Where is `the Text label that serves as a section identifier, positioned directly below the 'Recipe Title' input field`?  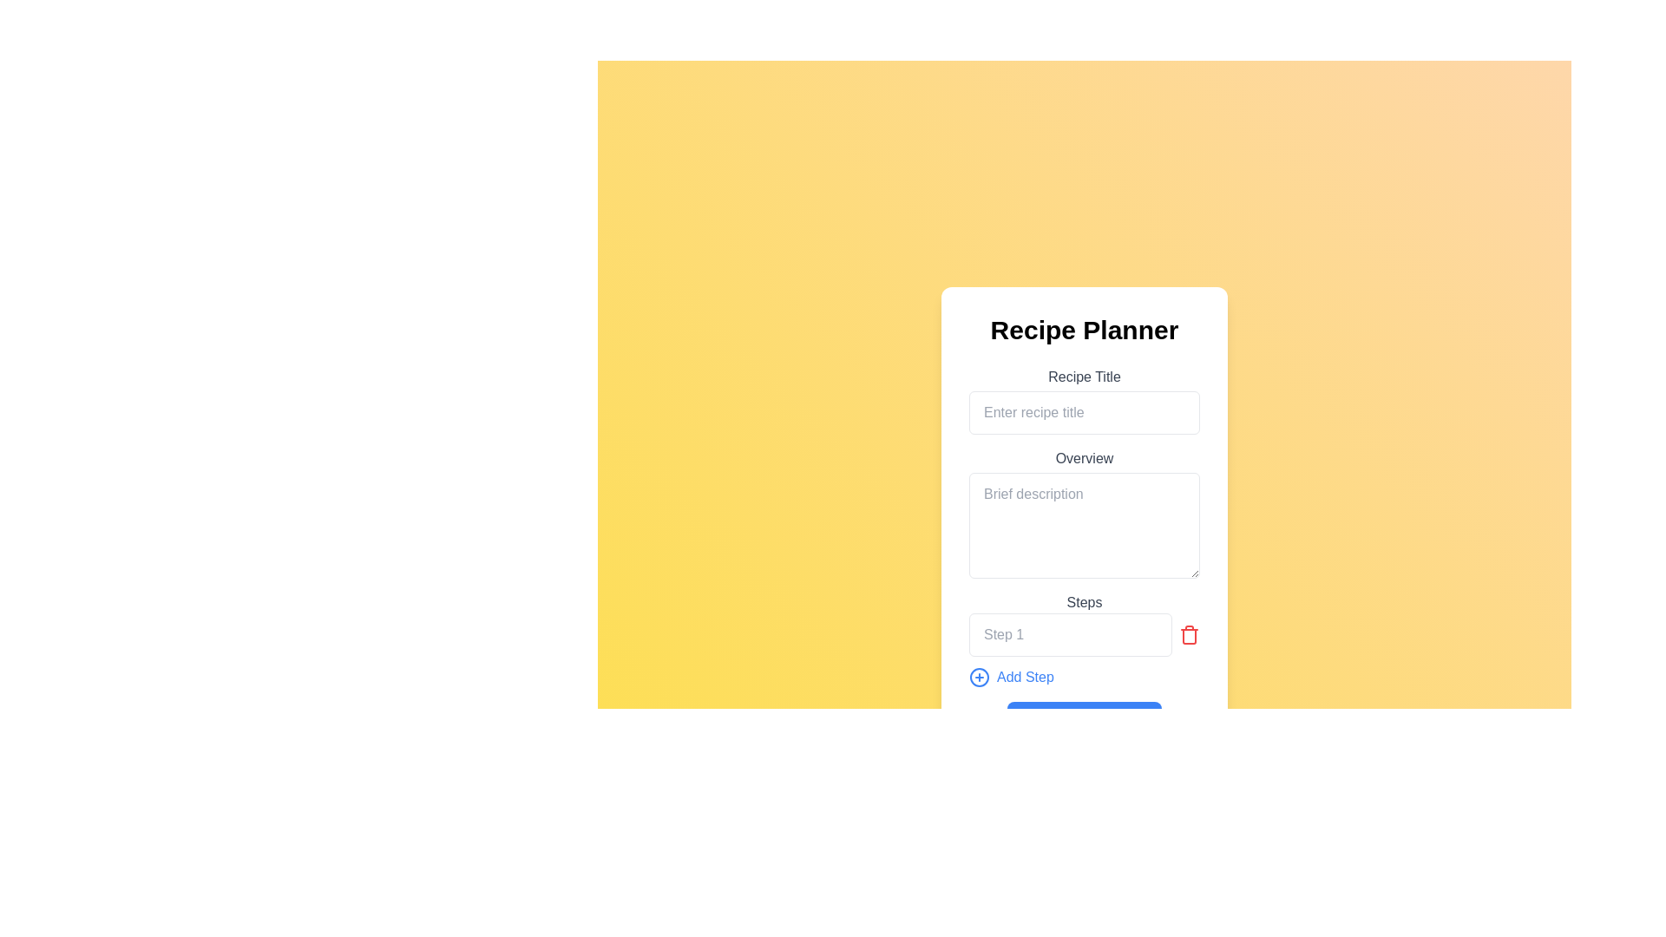 the Text label that serves as a section identifier, positioned directly below the 'Recipe Title' input field is located at coordinates (1083, 457).